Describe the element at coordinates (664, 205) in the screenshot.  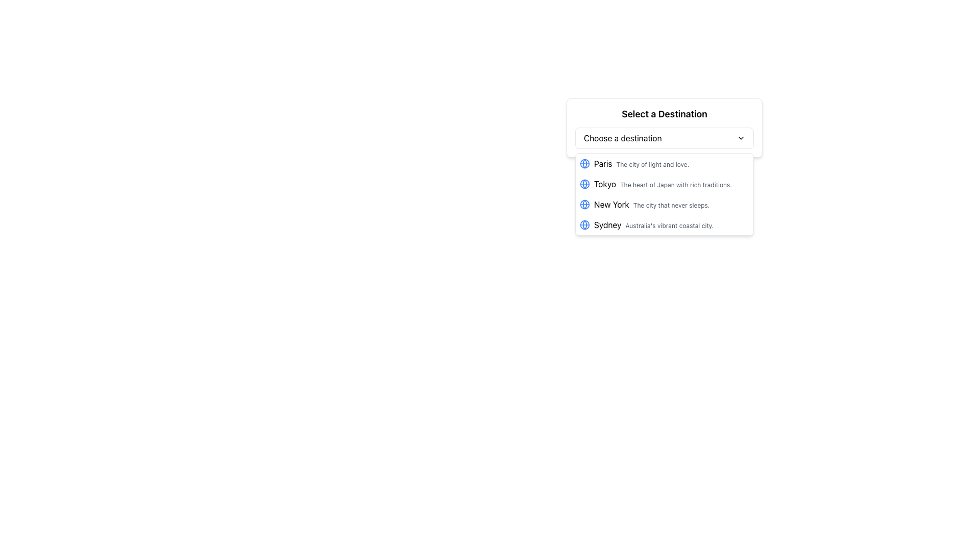
I see `the selectable element 'New York' with the tagline 'The city that never sleeps.' located in the dropdown 'Select a Destination'` at that location.